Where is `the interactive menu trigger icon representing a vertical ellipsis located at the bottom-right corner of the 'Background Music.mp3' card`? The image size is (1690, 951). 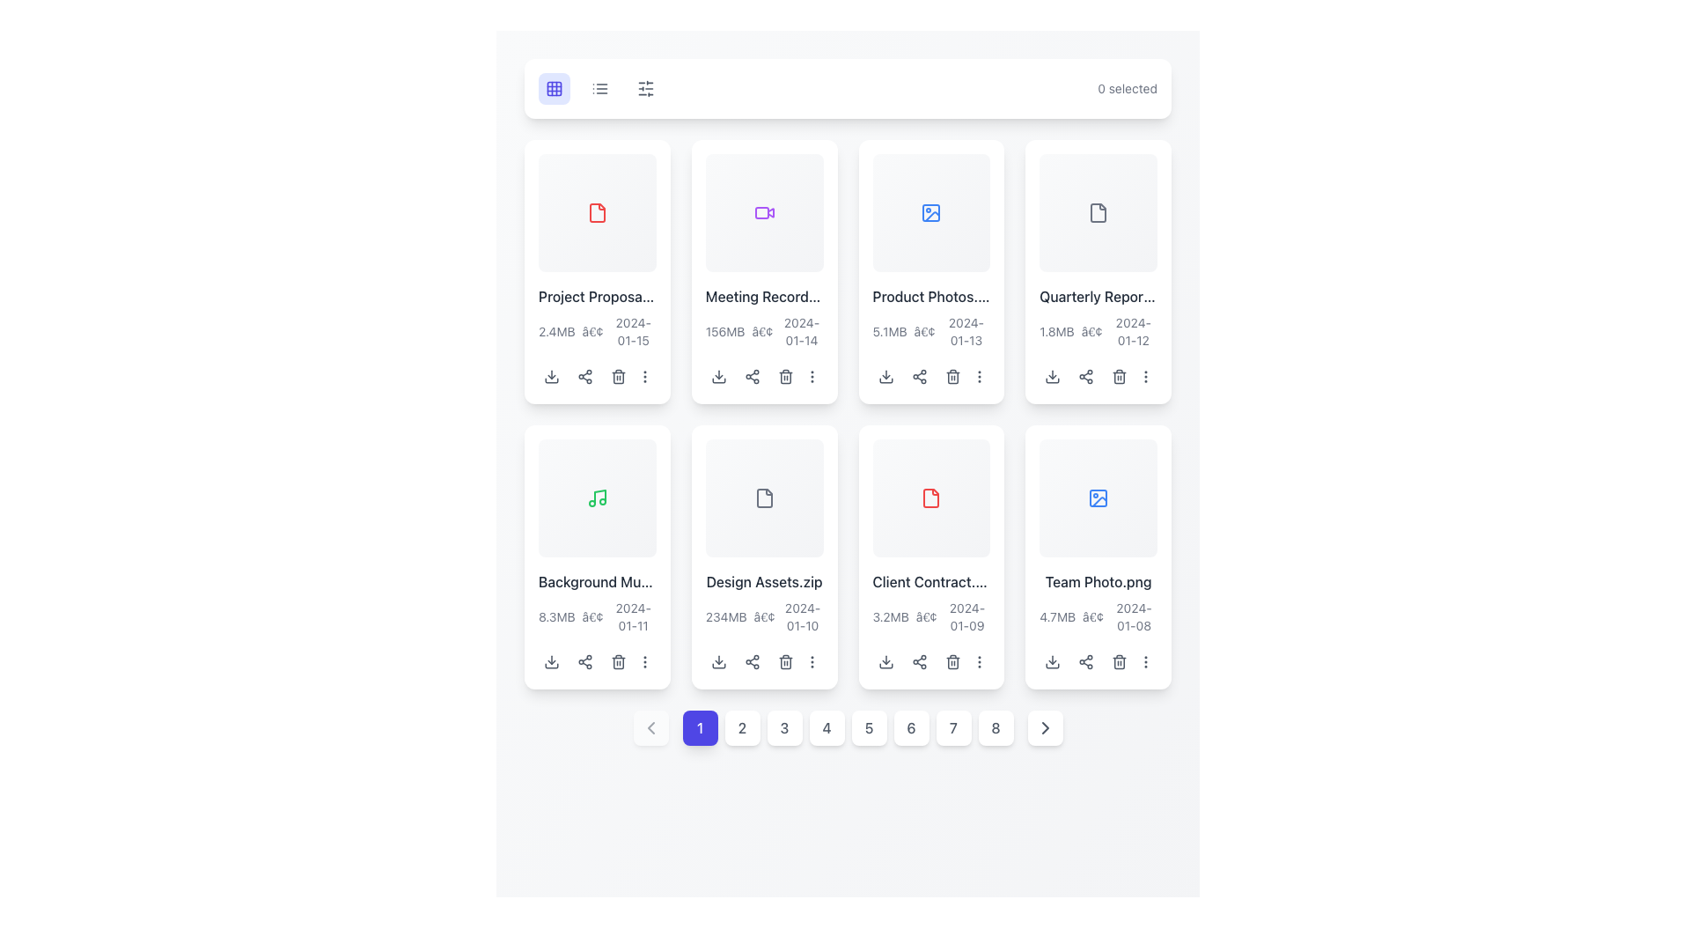
the interactive menu trigger icon representing a vertical ellipsis located at the bottom-right corner of the 'Background Music.mp3' card is located at coordinates (644, 661).